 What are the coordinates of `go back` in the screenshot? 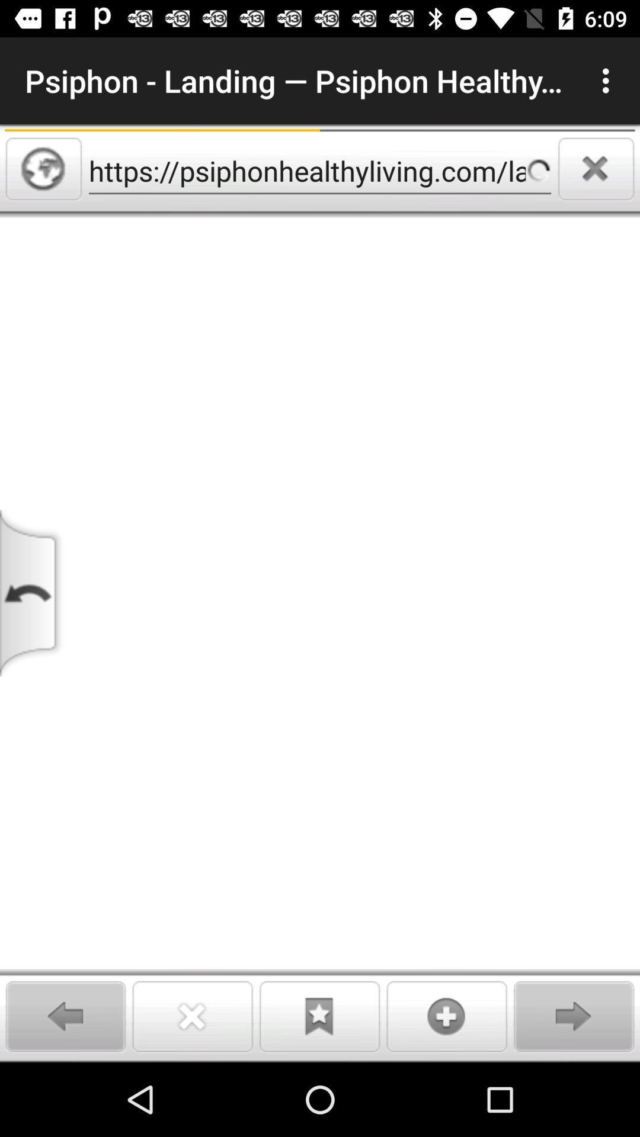 It's located at (32, 593).